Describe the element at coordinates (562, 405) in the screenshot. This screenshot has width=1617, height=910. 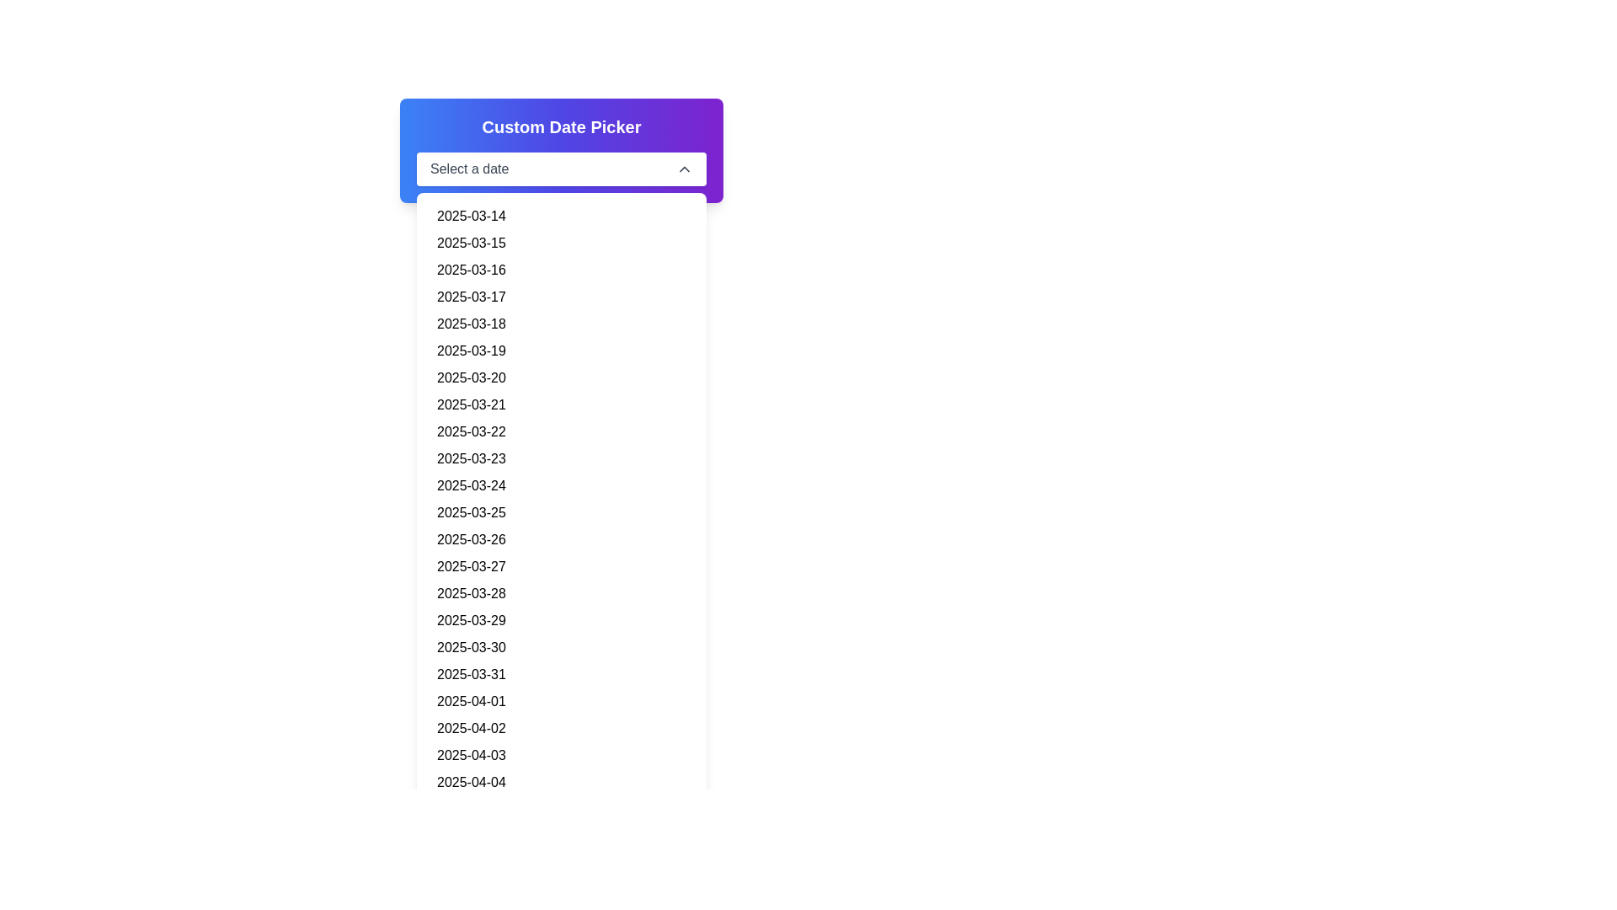
I see `the list item displaying the date '2025-03-21'` at that location.